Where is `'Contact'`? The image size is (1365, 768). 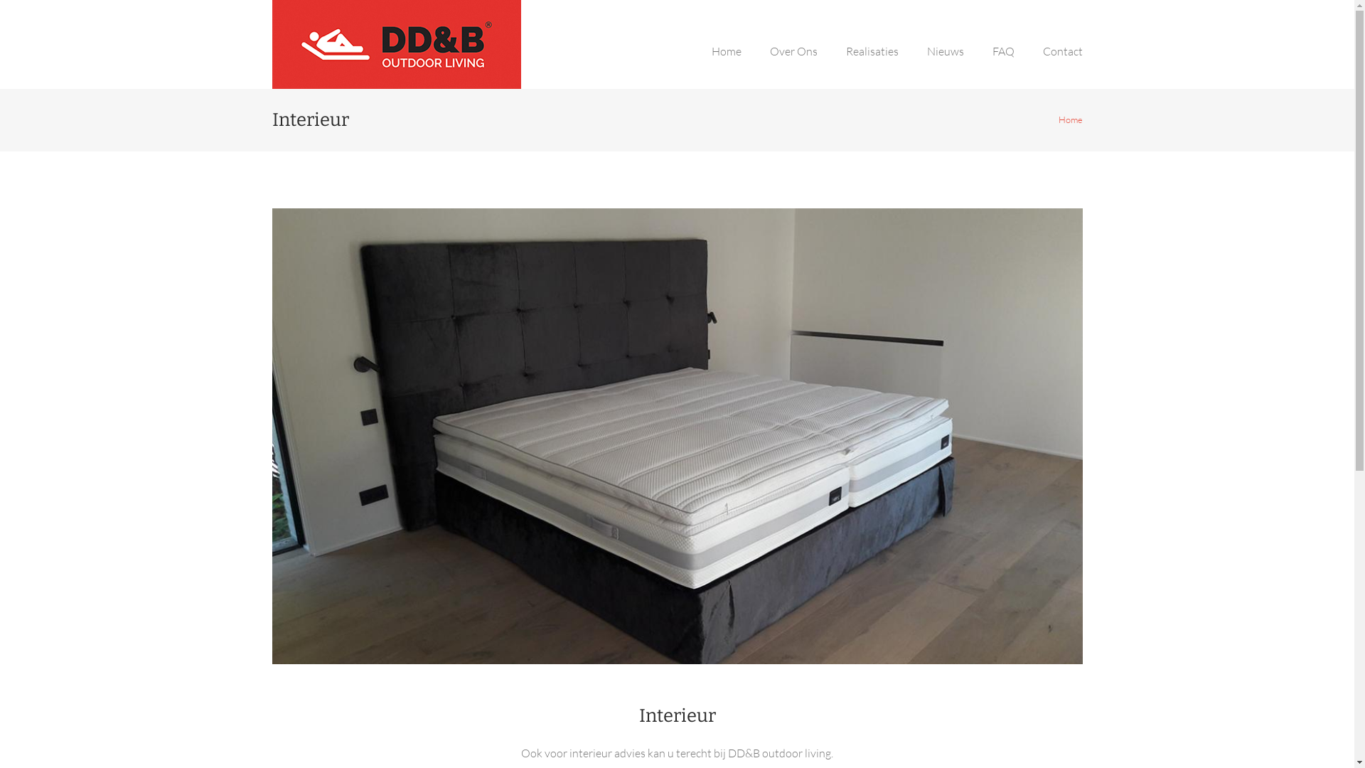 'Contact' is located at coordinates (1054, 66).